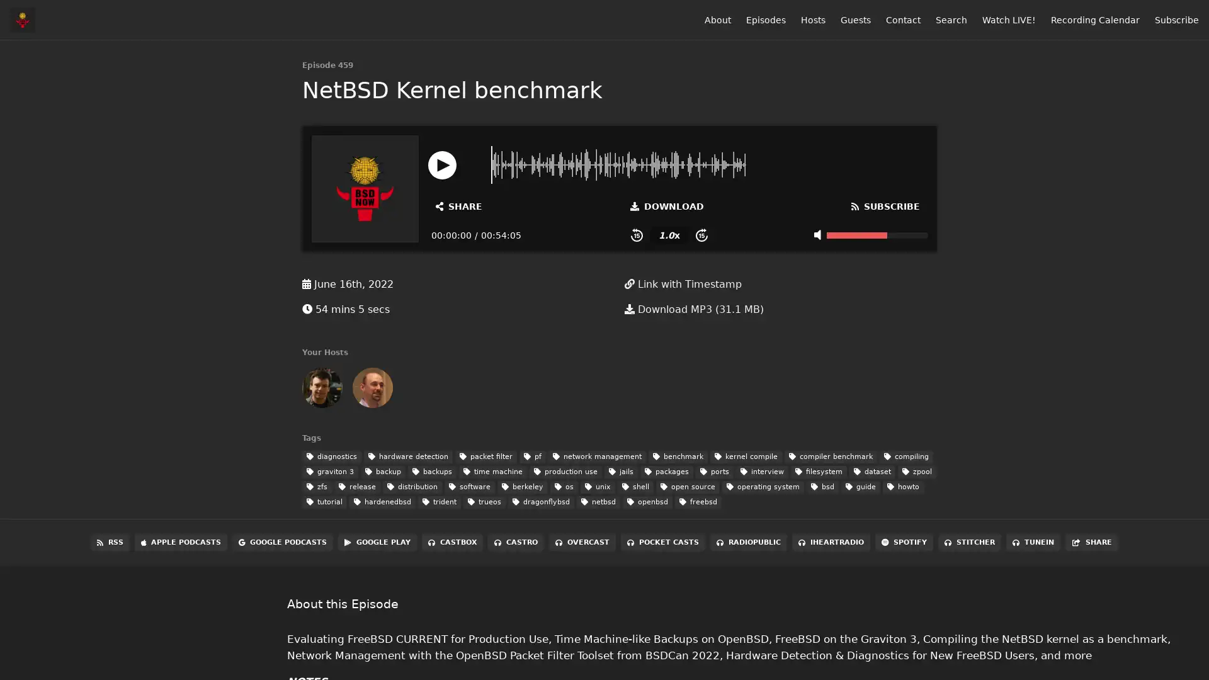 The image size is (1209, 680). What do you see at coordinates (458, 205) in the screenshot?
I see `Open Share and Subscribe Dialog` at bounding box center [458, 205].